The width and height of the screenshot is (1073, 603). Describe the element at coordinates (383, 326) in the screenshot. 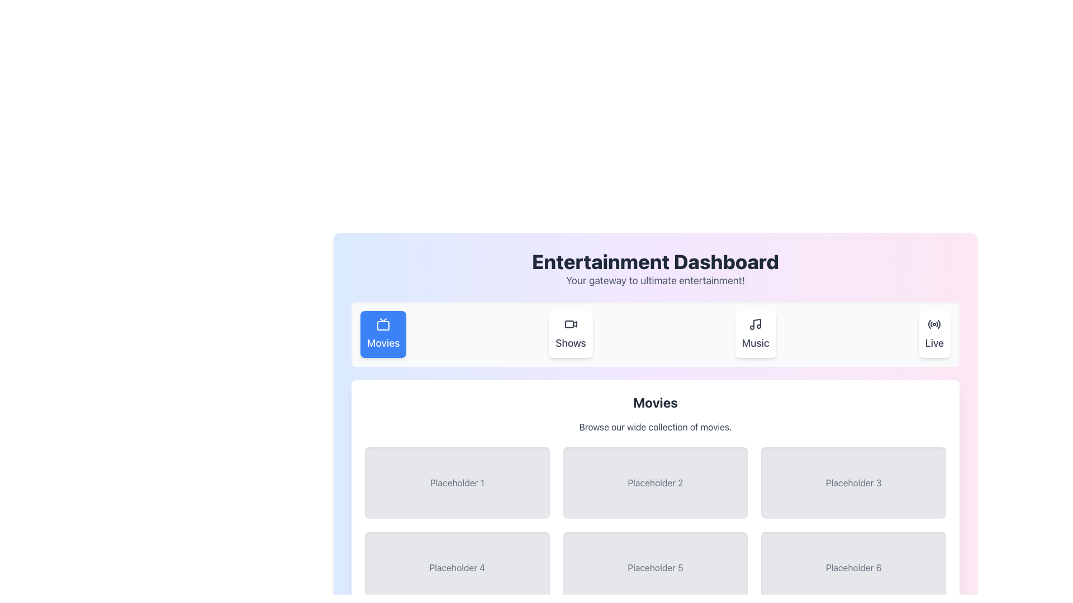

I see `the 'Movies' icon represented by the rounded rectangle in the navigation menu of the television icon` at that location.